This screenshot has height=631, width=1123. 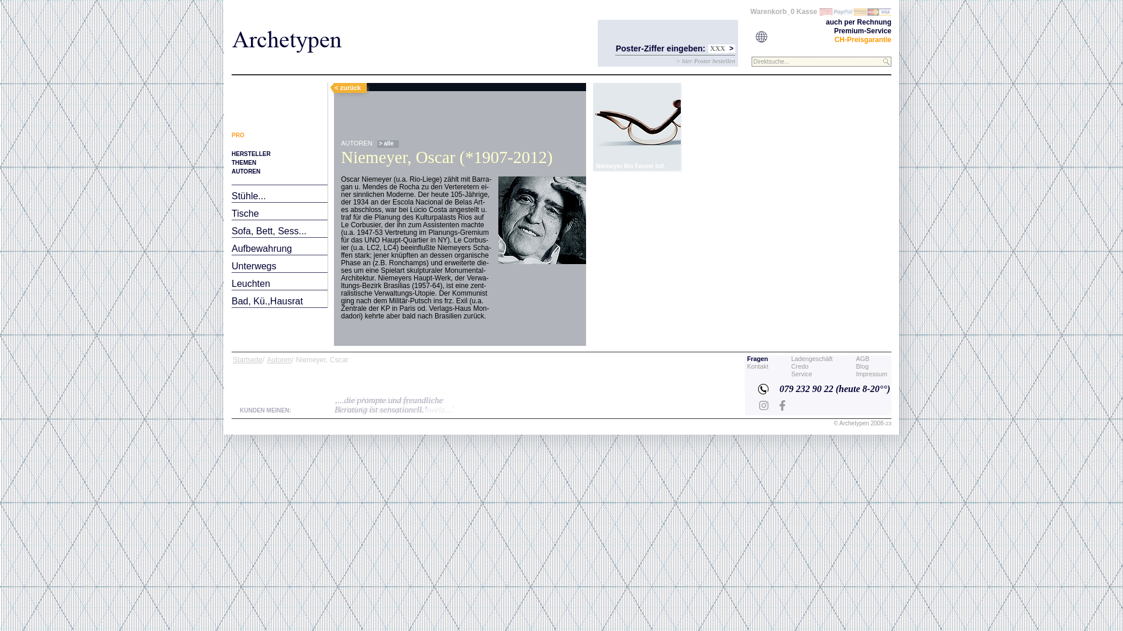 I want to click on 'Tische', so click(x=244, y=213).